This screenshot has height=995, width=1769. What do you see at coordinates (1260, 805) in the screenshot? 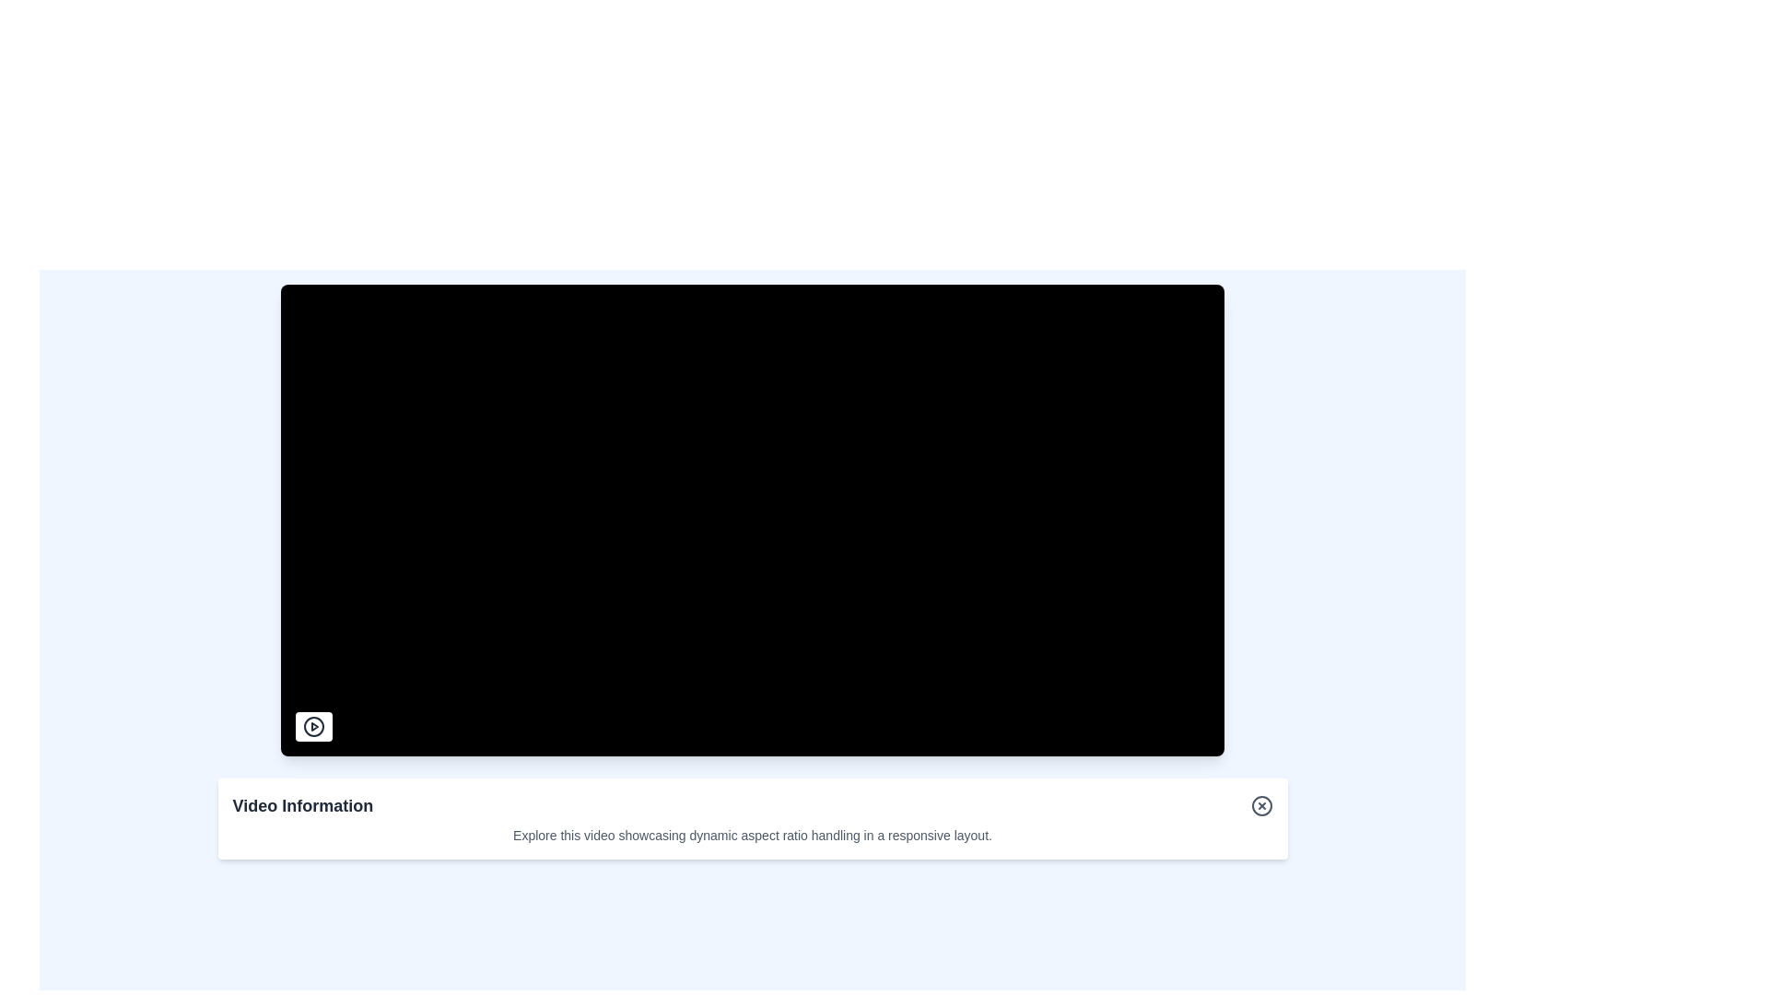
I see `the close button located at the far-right edge of the 'Video Information' section` at bounding box center [1260, 805].